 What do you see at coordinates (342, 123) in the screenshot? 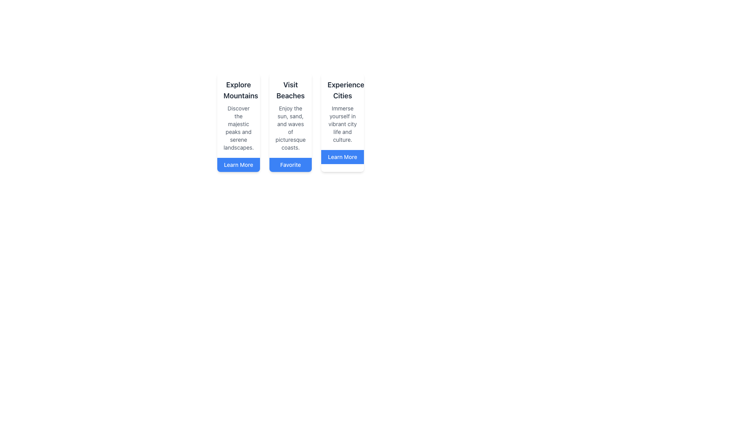
I see `the text block component that reads 'Immerse yourself in vibrant city life and culture', which is located below the heading 'Experience Cities' and above the button labeled 'Learn More'` at bounding box center [342, 123].